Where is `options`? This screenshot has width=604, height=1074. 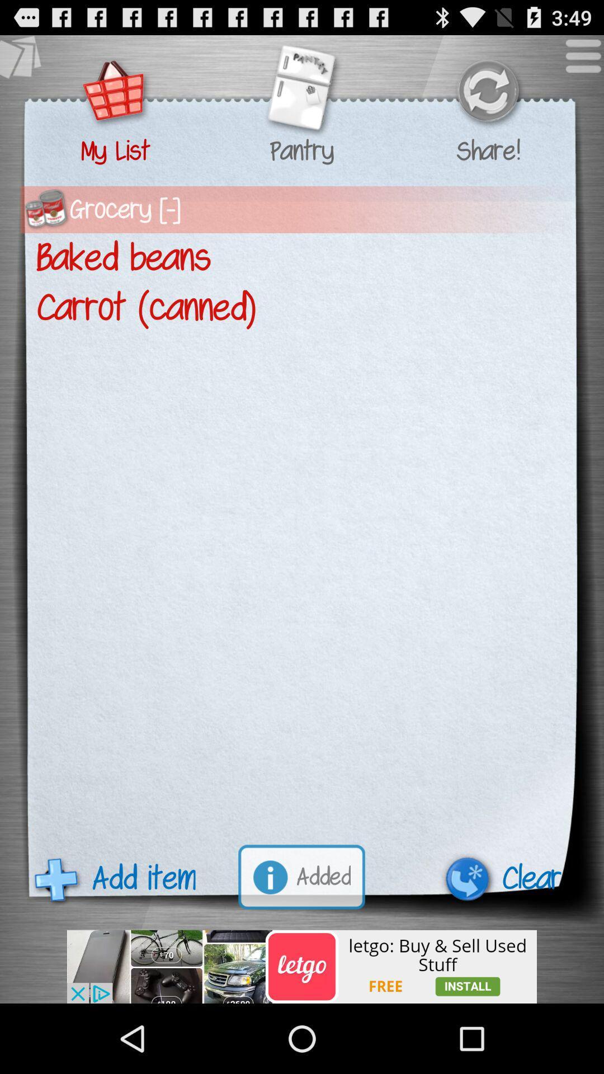 options is located at coordinates (577, 61).